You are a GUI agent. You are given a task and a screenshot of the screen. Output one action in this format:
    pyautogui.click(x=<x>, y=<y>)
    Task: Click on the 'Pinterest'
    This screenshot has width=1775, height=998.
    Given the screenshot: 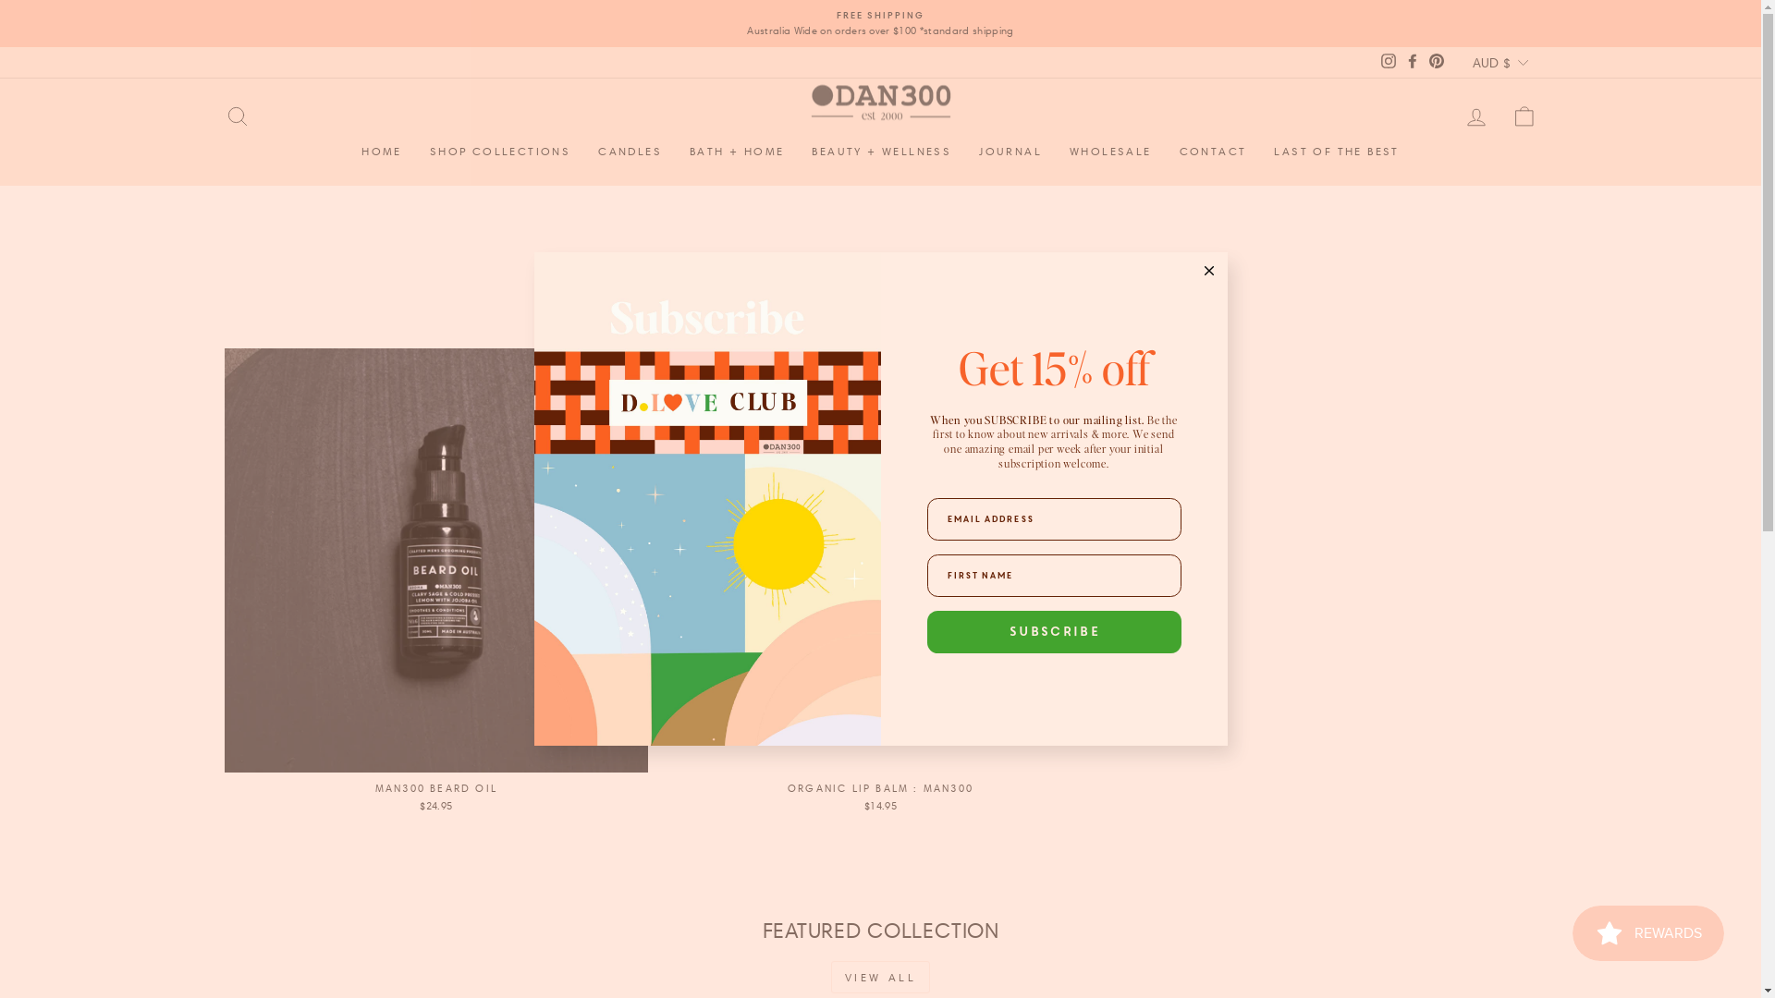 What is the action you would take?
    pyautogui.click(x=1423, y=61)
    